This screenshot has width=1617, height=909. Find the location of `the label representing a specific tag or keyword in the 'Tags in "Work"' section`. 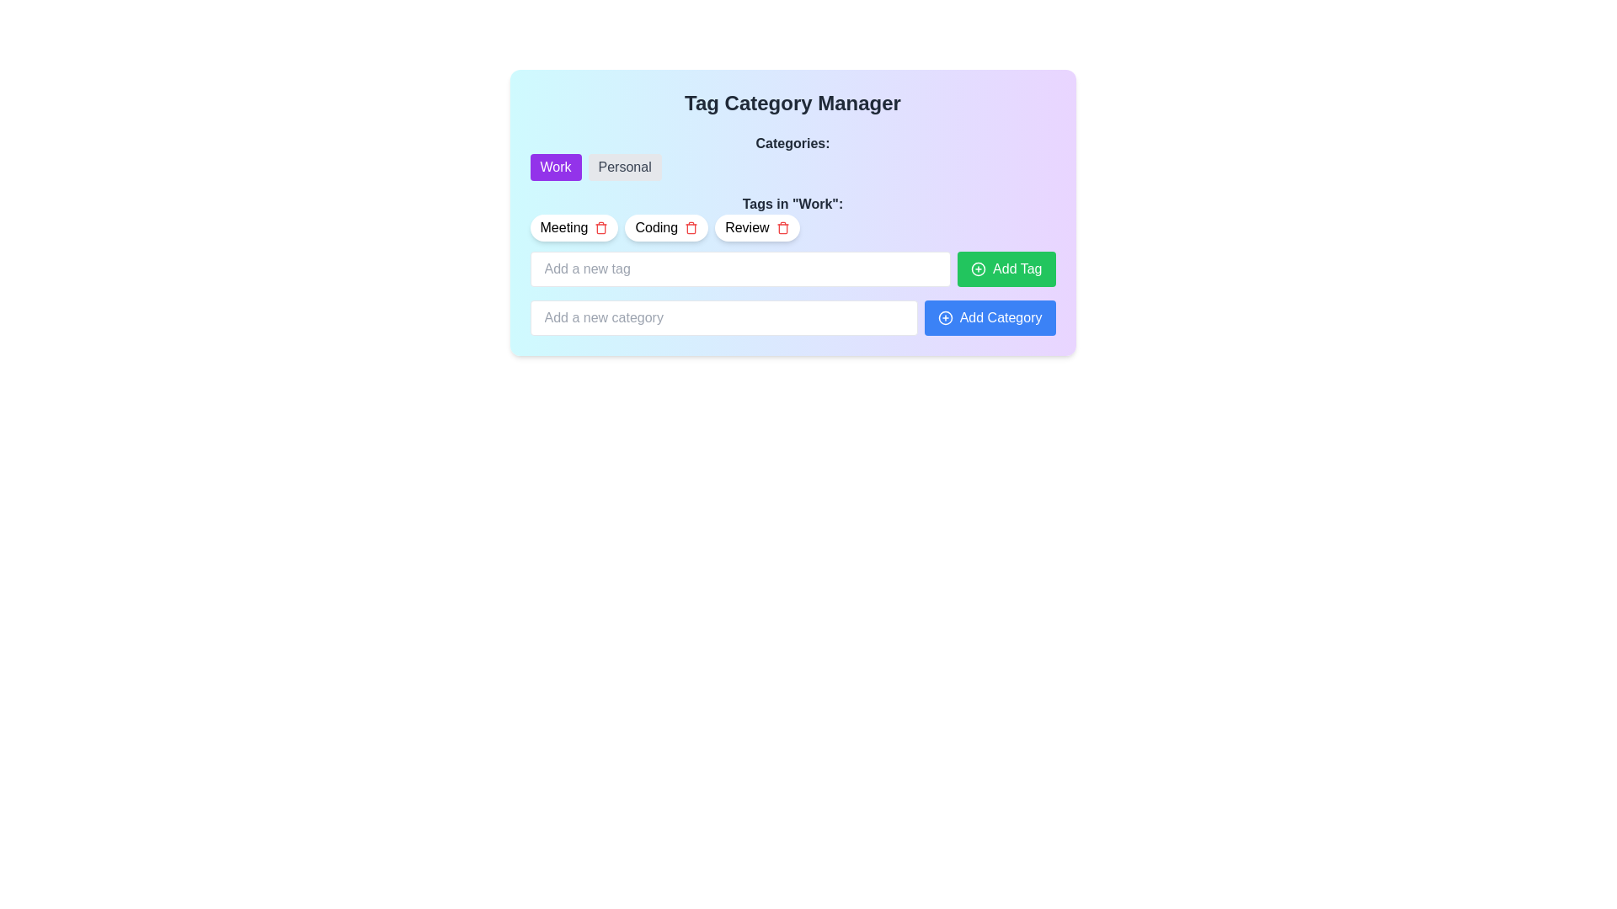

the label representing a specific tag or keyword in the 'Tags in "Work"' section is located at coordinates (746, 227).